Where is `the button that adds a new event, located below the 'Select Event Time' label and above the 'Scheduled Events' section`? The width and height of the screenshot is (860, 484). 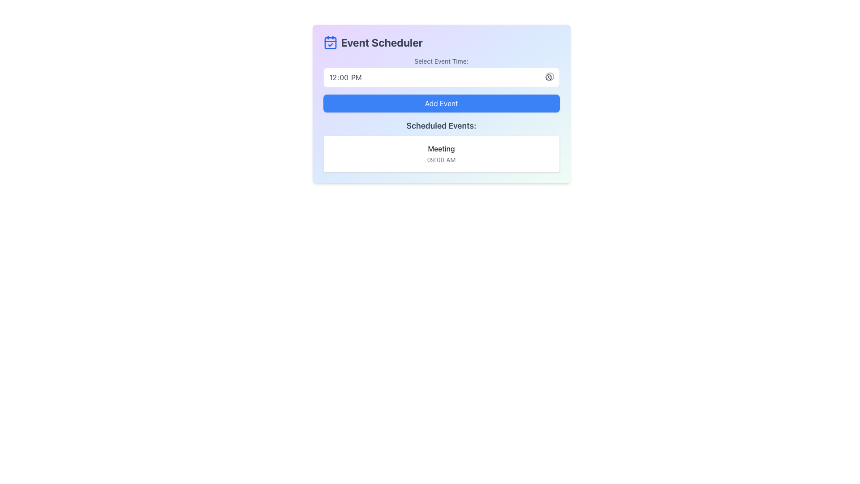 the button that adds a new event, located below the 'Select Event Time' label and above the 'Scheduled Events' section is located at coordinates (441, 103).